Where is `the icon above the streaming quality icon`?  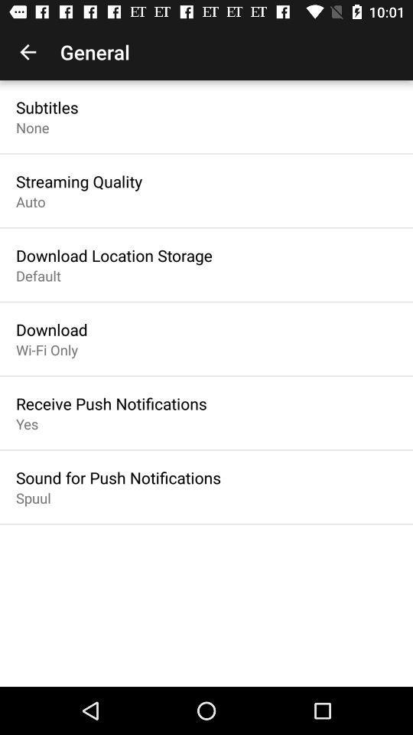 the icon above the streaming quality icon is located at coordinates (32, 126).